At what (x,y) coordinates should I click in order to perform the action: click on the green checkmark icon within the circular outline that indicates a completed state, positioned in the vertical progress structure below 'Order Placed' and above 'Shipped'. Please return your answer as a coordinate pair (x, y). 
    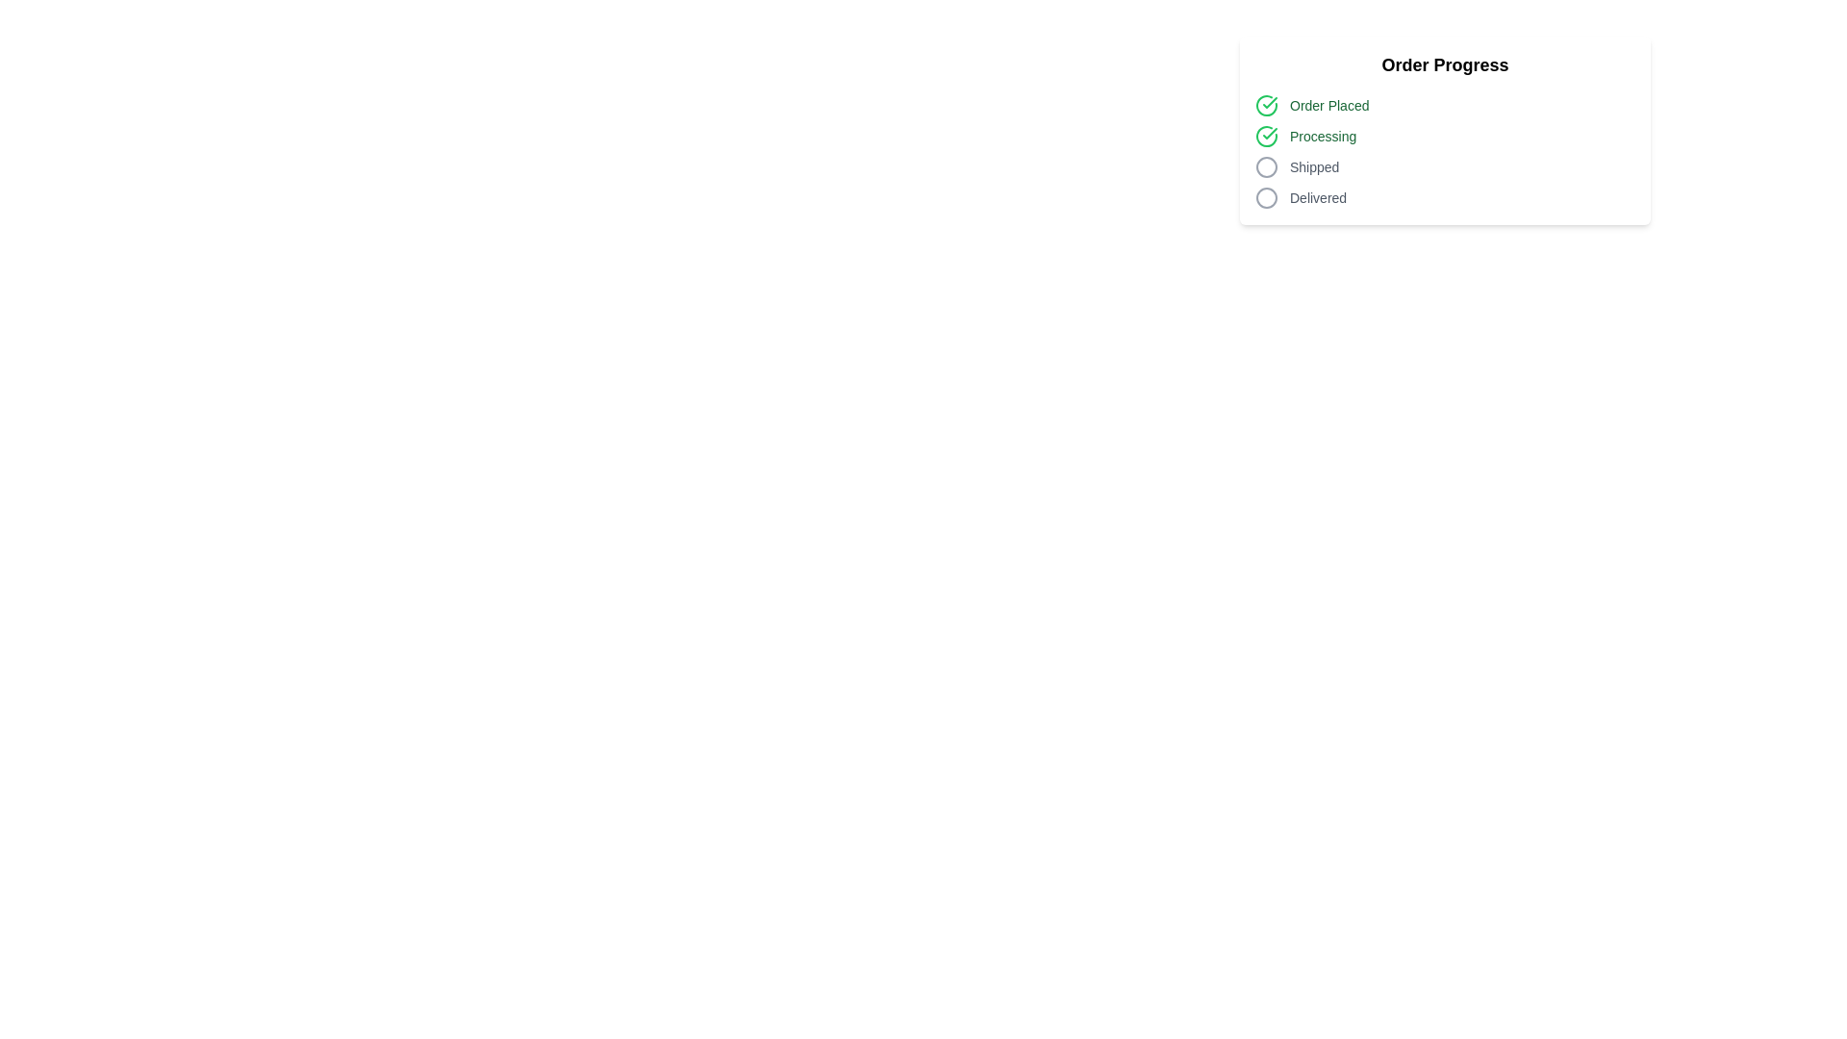
    Looking at the image, I should click on (1270, 103).